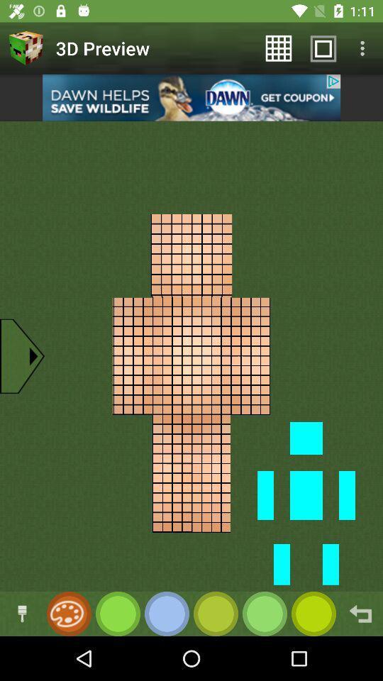  What do you see at coordinates (117, 613) in the screenshot?
I see `green color` at bounding box center [117, 613].